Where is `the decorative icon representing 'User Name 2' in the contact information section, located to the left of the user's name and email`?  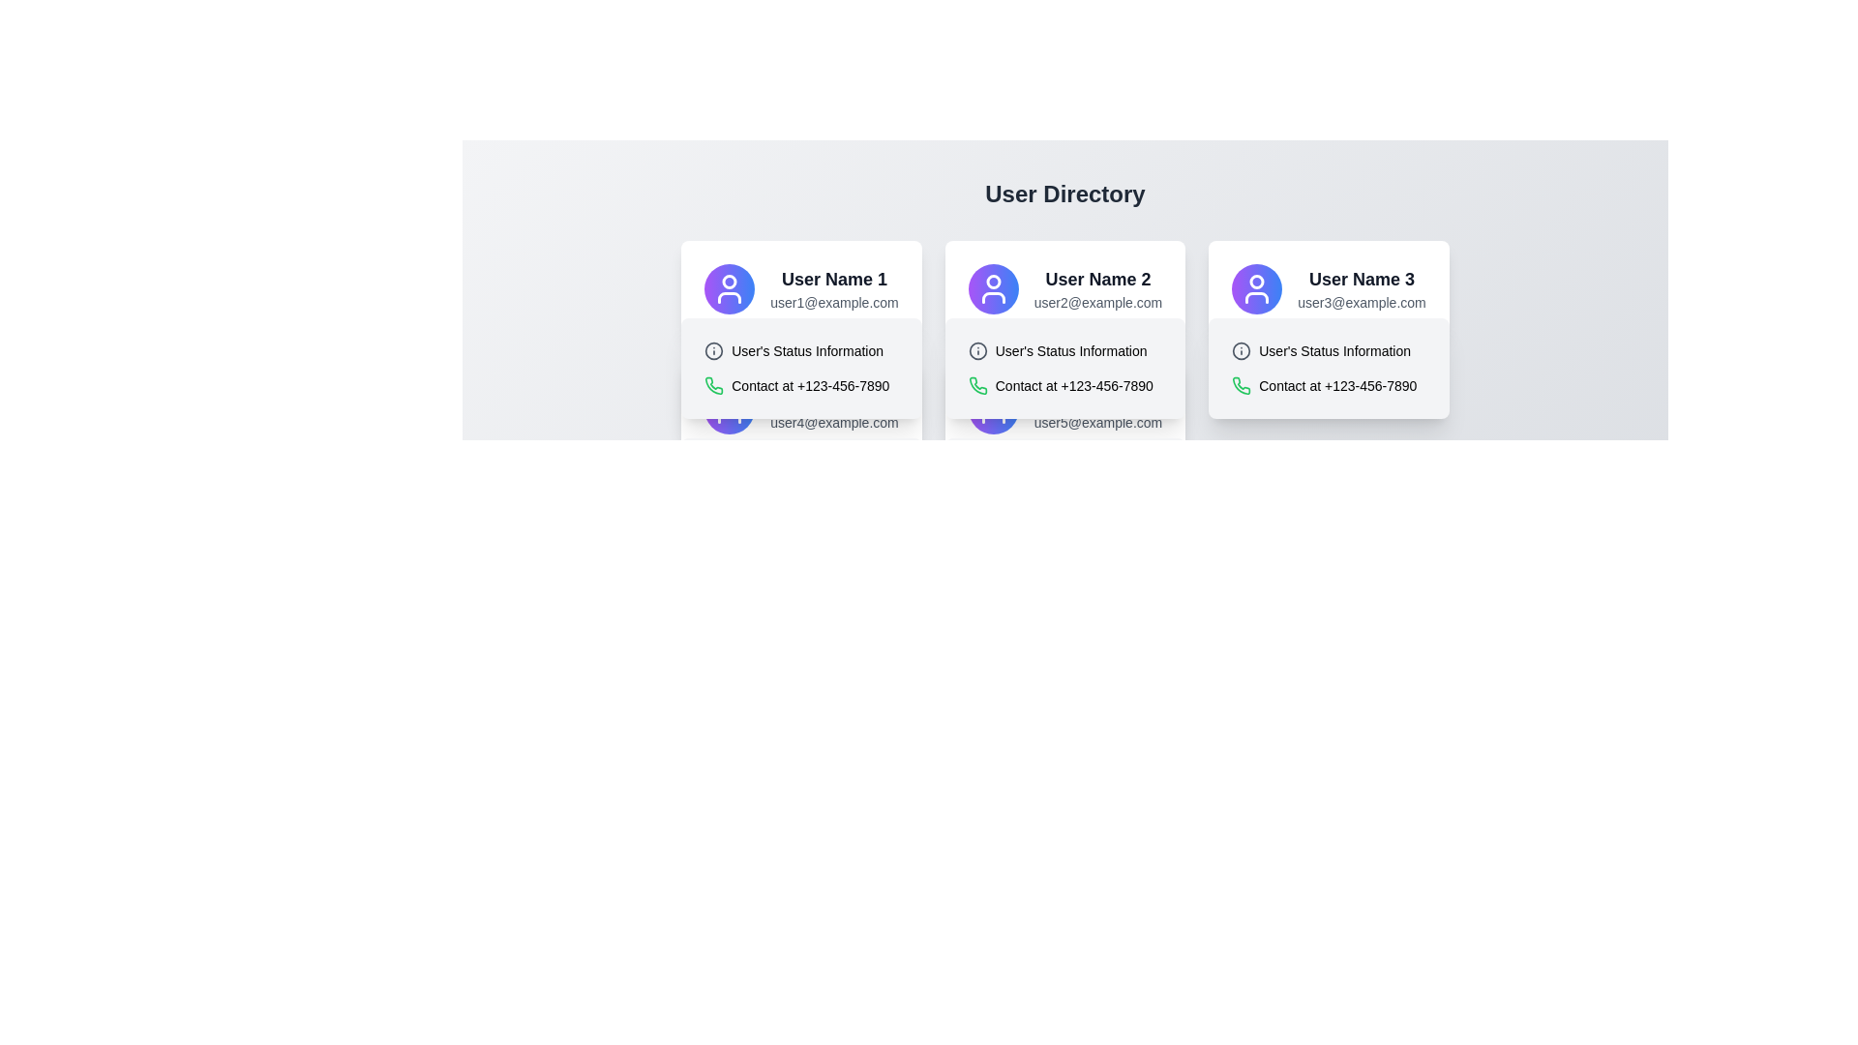 the decorative icon representing 'User Name 2' in the contact information section, located to the left of the user's name and email is located at coordinates (993, 289).